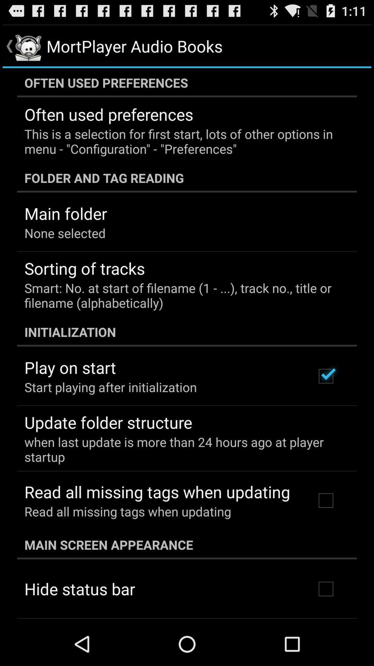 The width and height of the screenshot is (374, 666). I want to click on icon below update folder structure app, so click(182, 449).